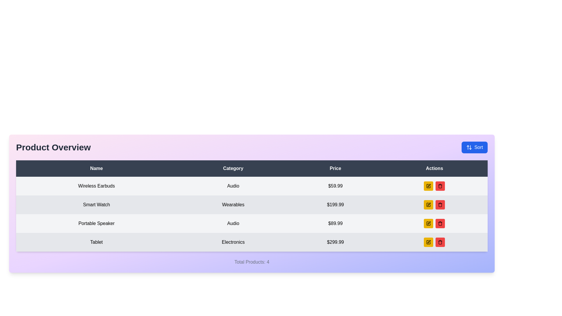 This screenshot has height=316, width=562. What do you see at coordinates (440, 186) in the screenshot?
I see `the small red button with a trash can icon in the 'Actions' column of the third row of the table` at bounding box center [440, 186].